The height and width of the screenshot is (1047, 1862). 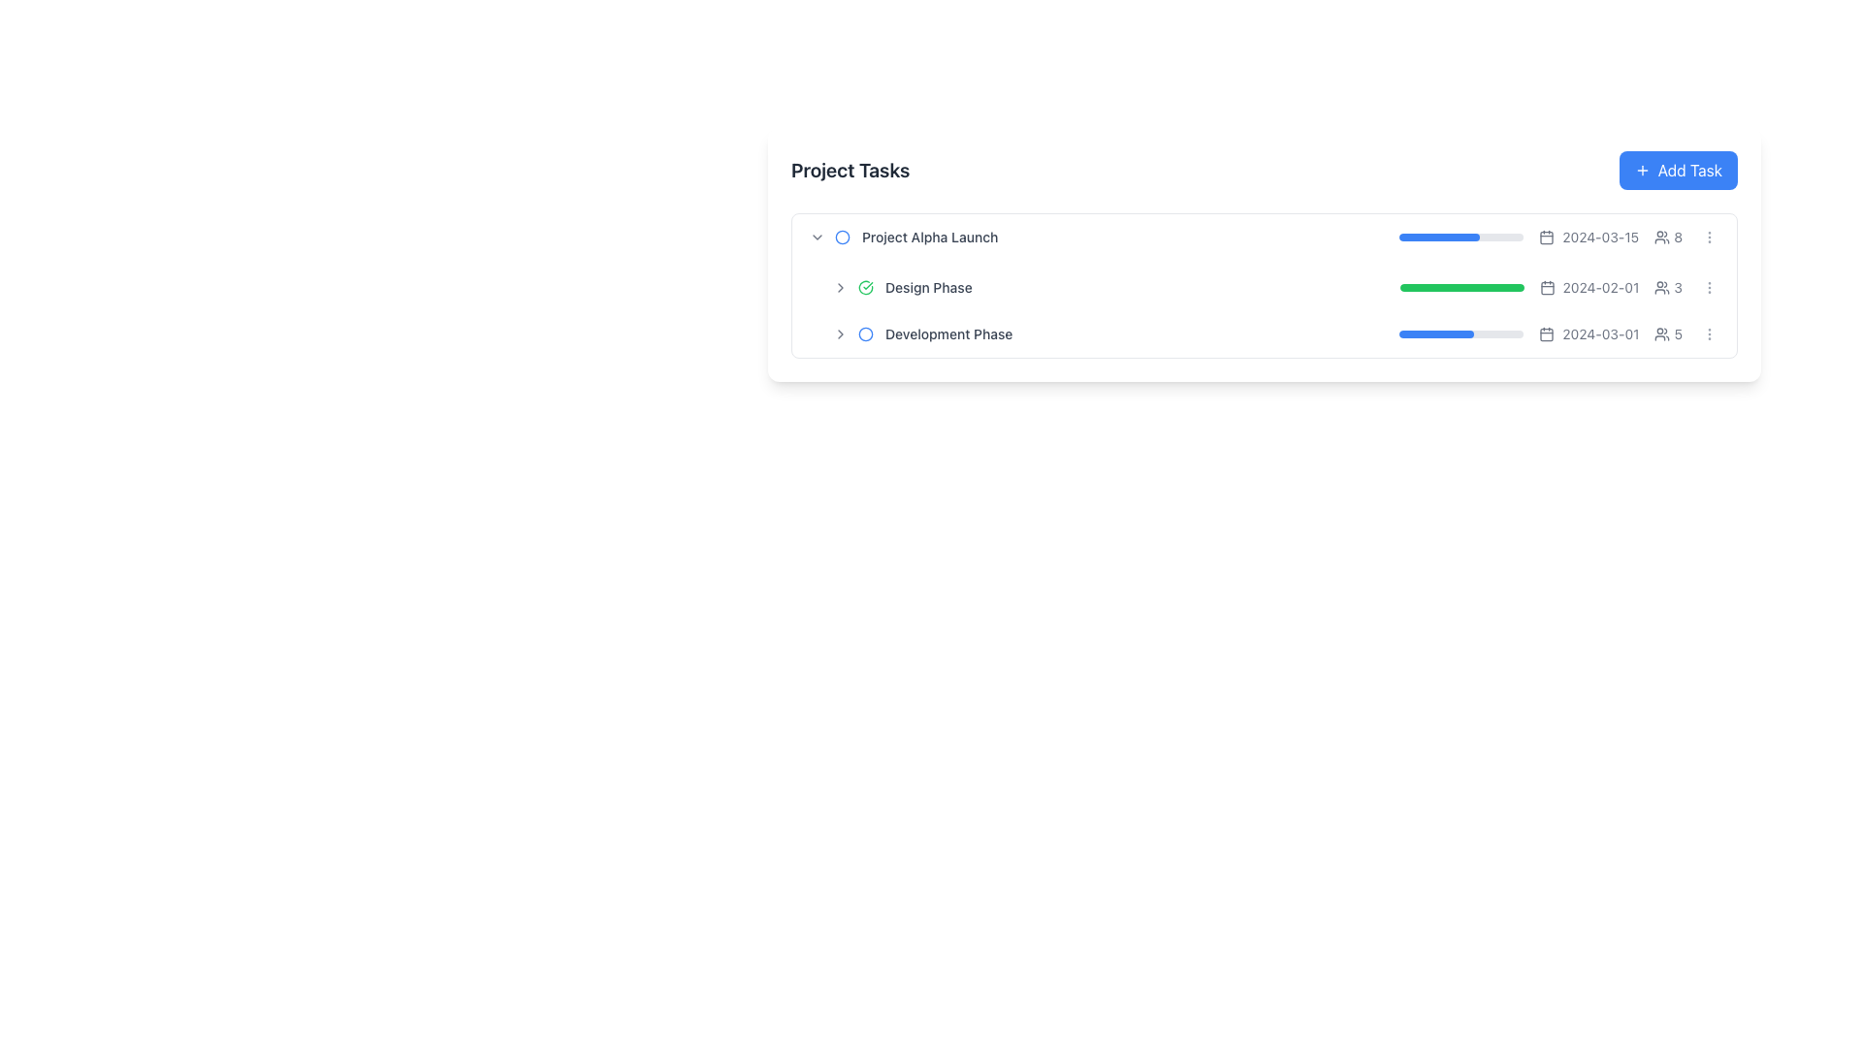 What do you see at coordinates (841, 333) in the screenshot?
I see `the small right-pointing chevron icon adjacent to the 'Development Phase' label in the 'Project Tasks' list` at bounding box center [841, 333].